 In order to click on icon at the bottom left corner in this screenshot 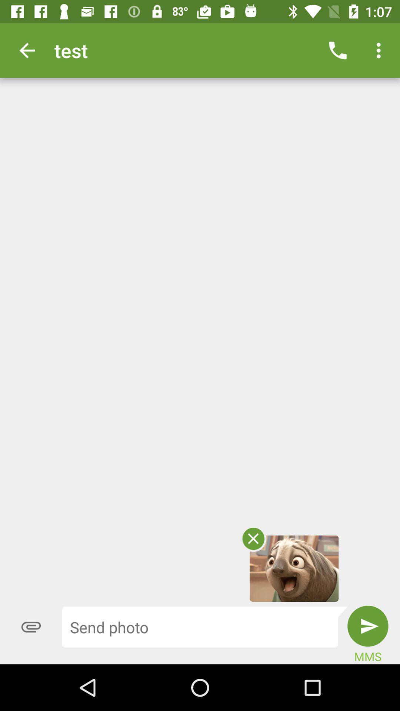, I will do `click(31, 627)`.